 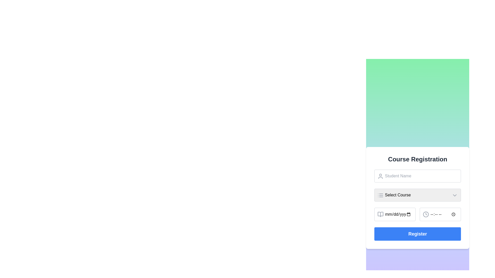 What do you see at coordinates (418, 159) in the screenshot?
I see `the 'Course Registration' heading element, which is a bold, centrally aligned text label in dark gray on a white background, serving as the primary title for the content below` at bounding box center [418, 159].